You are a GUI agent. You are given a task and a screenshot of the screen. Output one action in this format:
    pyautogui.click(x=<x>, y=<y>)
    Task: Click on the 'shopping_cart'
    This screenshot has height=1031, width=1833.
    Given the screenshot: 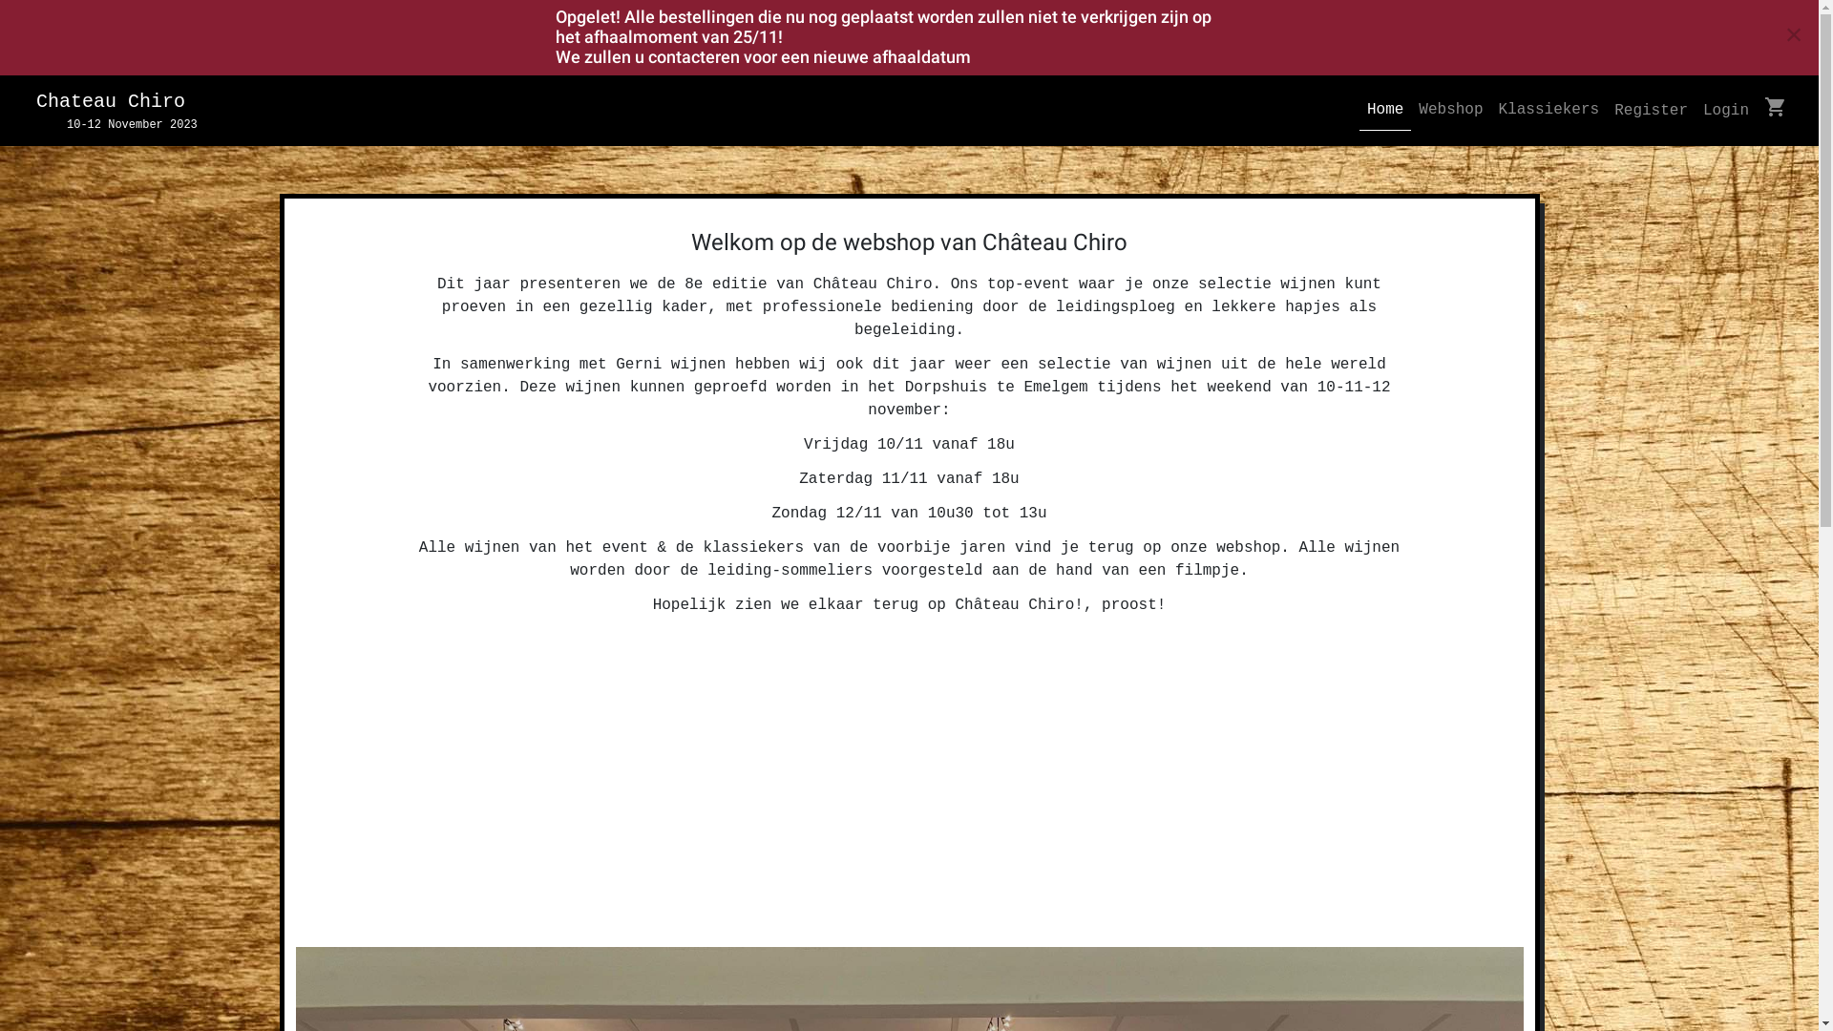 What is the action you would take?
    pyautogui.click(x=1775, y=111)
    